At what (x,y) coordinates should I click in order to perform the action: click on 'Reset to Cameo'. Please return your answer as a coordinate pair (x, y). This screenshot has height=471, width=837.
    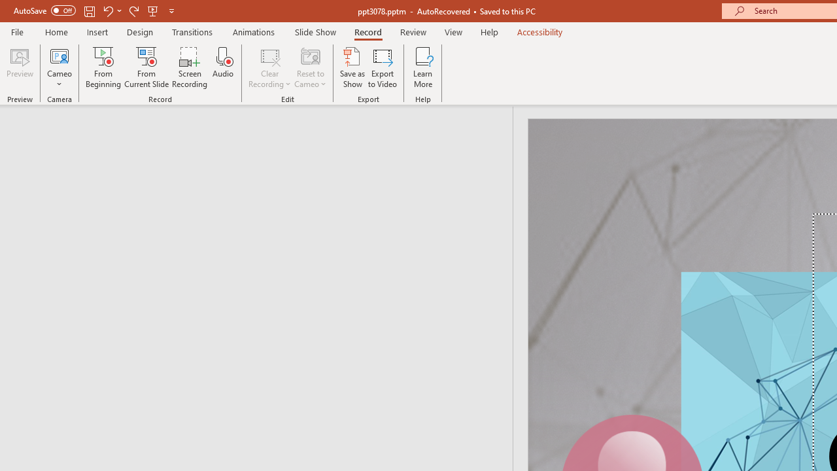
    Looking at the image, I should click on (309, 67).